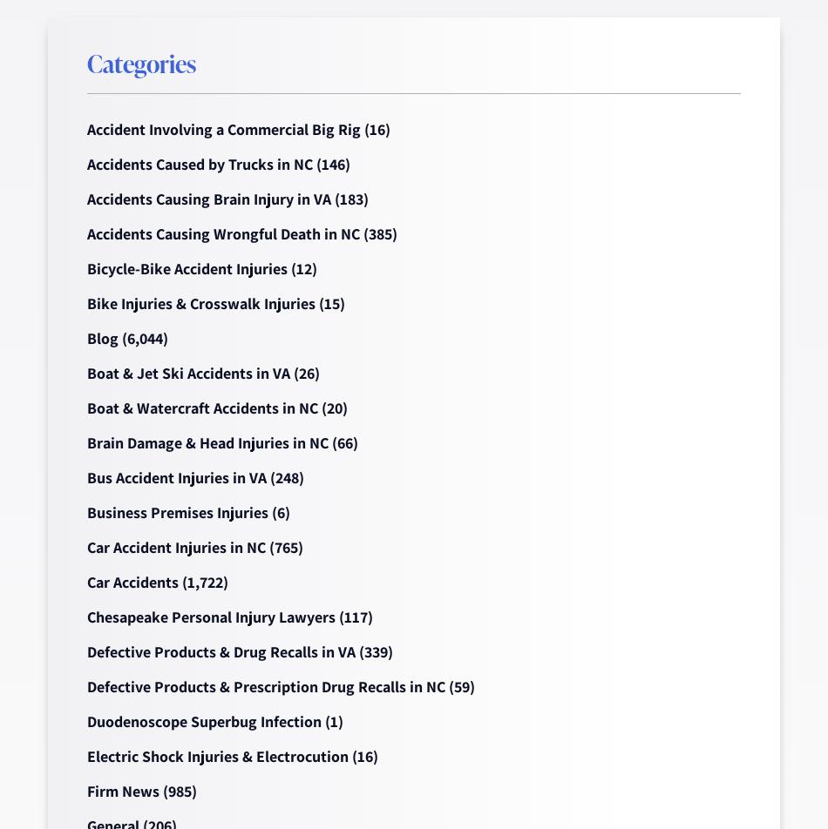 The width and height of the screenshot is (828, 829). Describe the element at coordinates (353, 617) in the screenshot. I see `'(117)'` at that location.